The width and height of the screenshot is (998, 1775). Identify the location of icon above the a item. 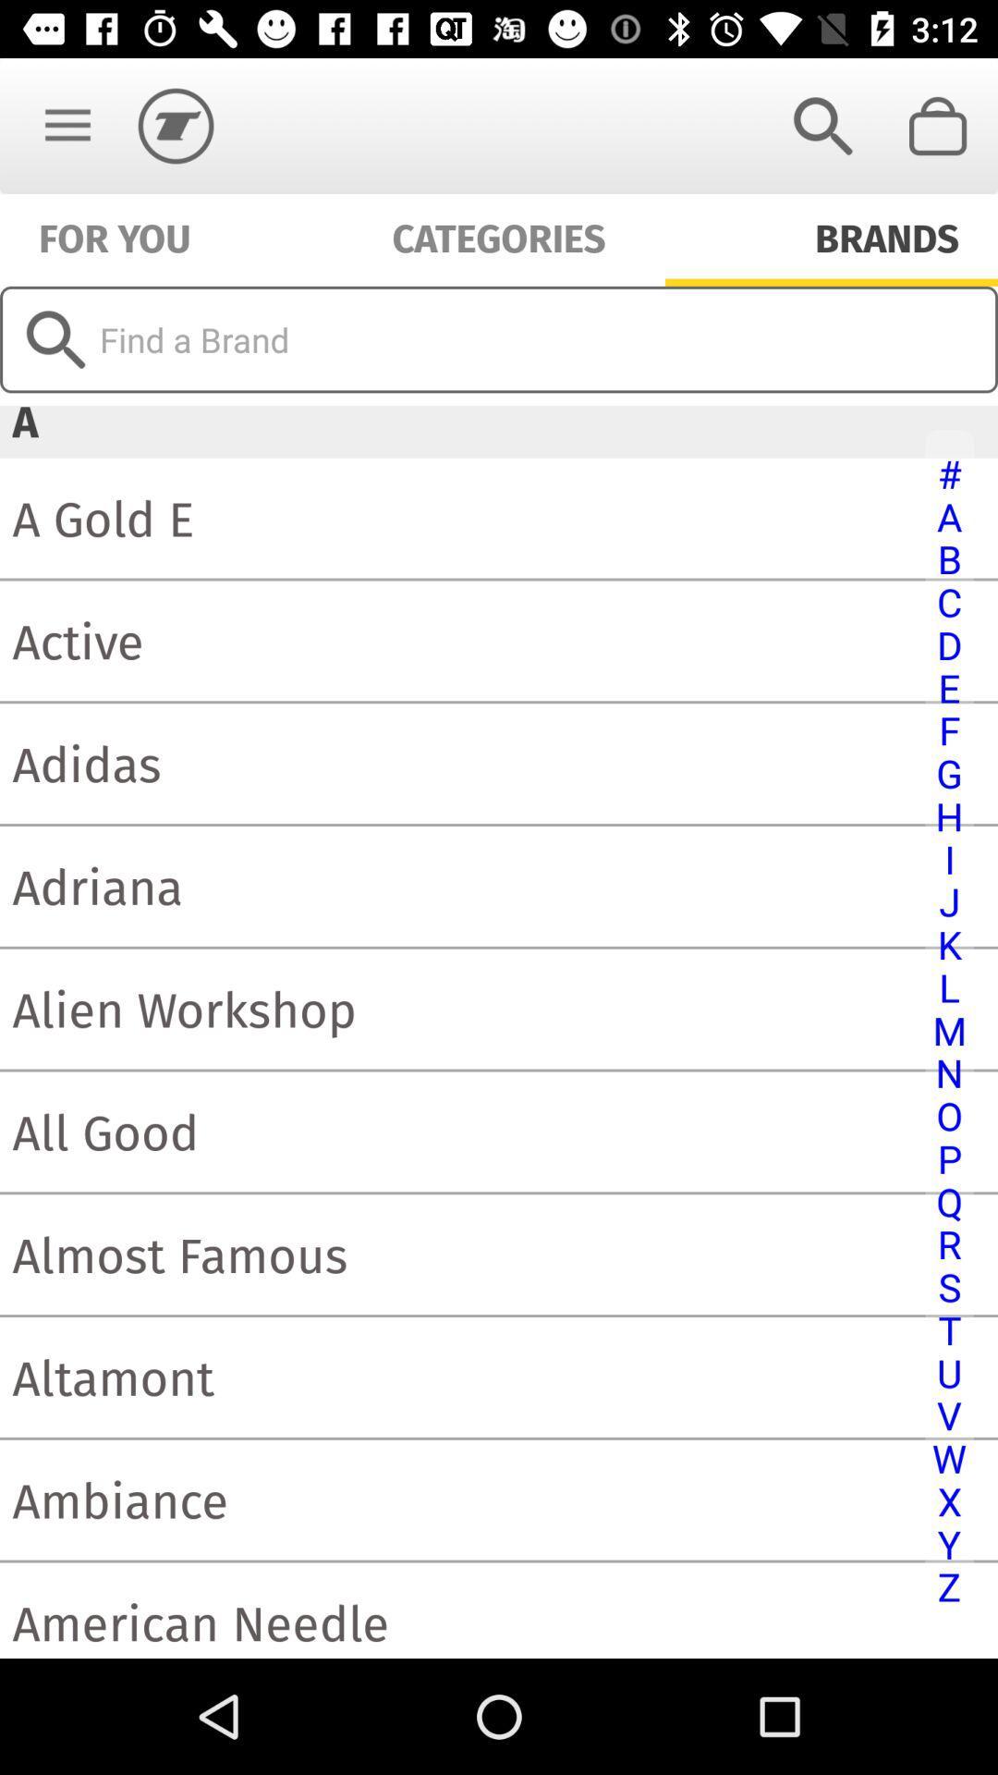
(499, 339).